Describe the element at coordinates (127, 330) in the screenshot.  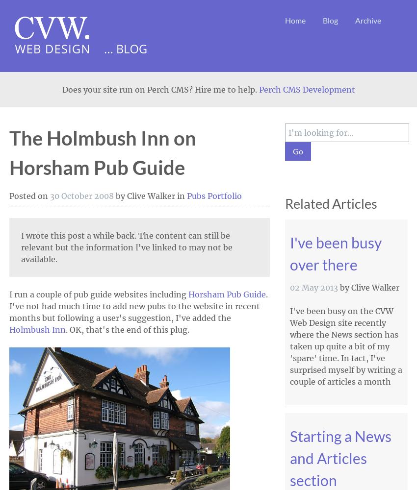
I see `'. OK, that's the end of this plug.'` at that location.